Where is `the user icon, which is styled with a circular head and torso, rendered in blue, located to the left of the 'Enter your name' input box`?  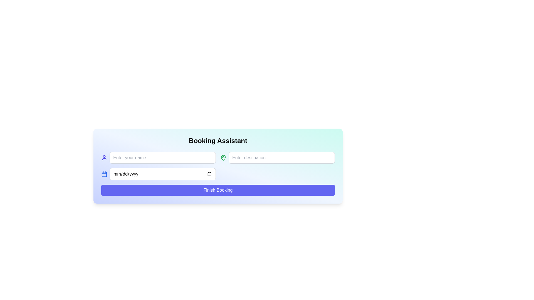 the user icon, which is styled with a circular head and torso, rendered in blue, located to the left of the 'Enter your name' input box is located at coordinates (104, 157).